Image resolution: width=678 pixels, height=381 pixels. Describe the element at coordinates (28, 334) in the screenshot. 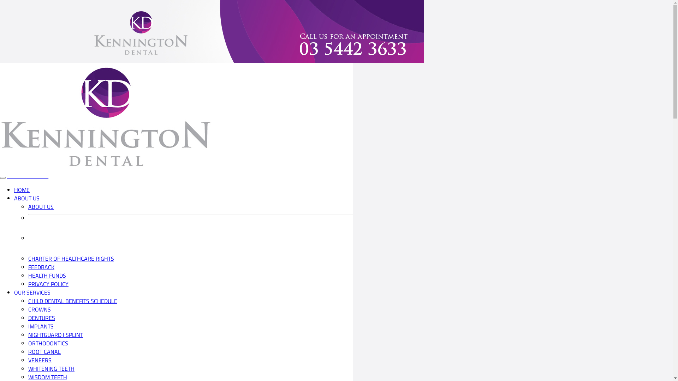

I see `'NIGHTGUARD | SPLINT'` at that location.